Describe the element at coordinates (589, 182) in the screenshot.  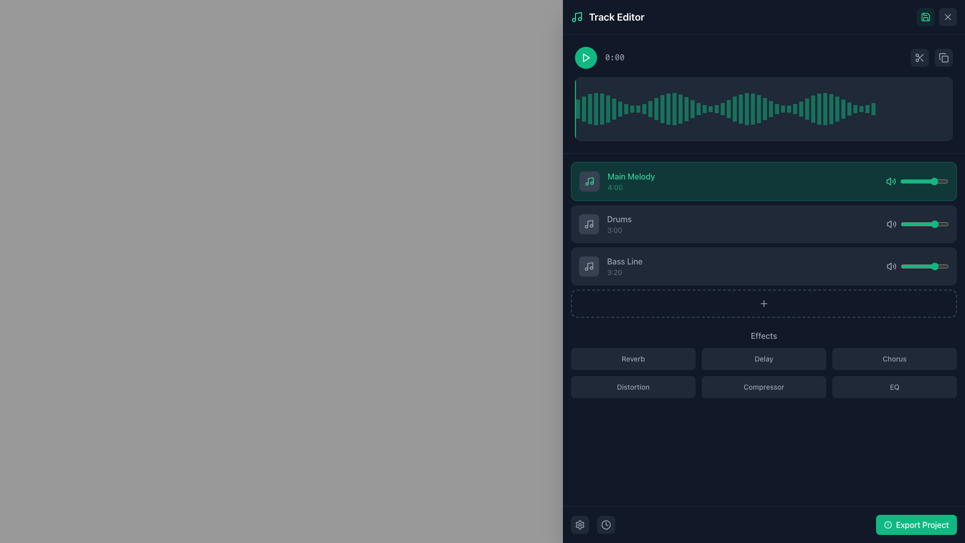
I see `the music-related icon representing the 'Main Melody' item, which is located within a green-background row element in the track list` at that location.